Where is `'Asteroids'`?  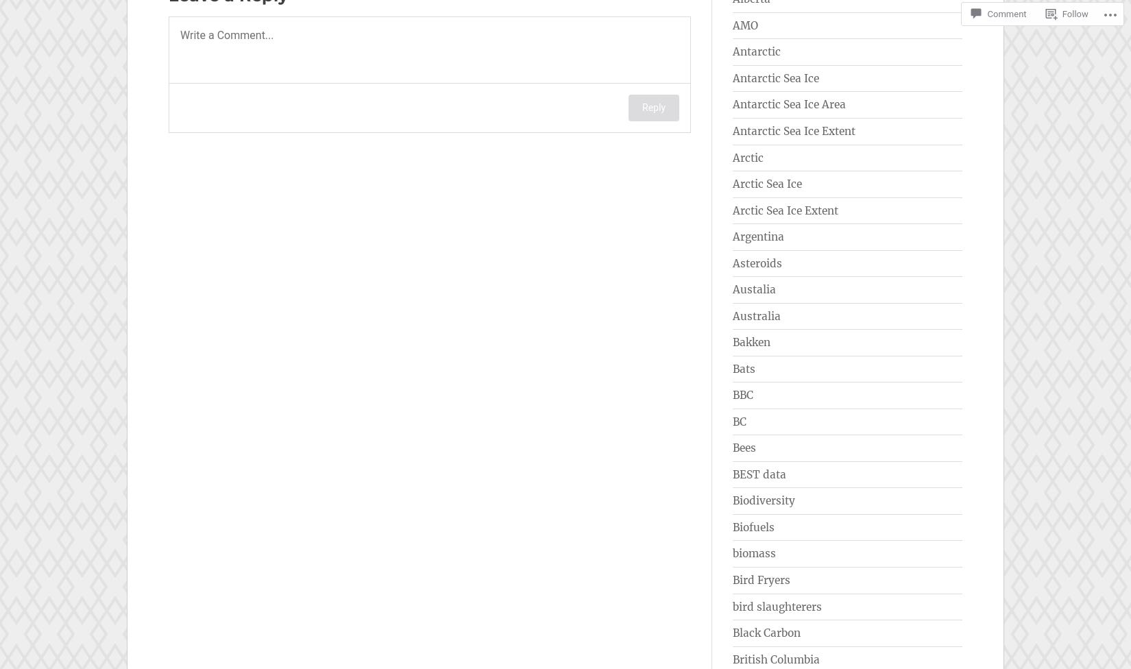
'Asteroids' is located at coordinates (757, 262).